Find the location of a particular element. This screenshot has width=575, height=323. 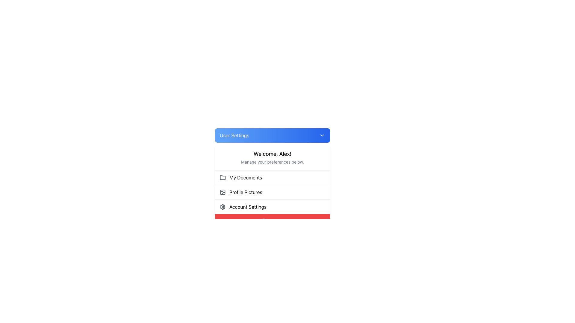

text content of the 'Account Settings' label, which is a black font text element positioned in the dropdown menu for user settings options is located at coordinates (248, 206).